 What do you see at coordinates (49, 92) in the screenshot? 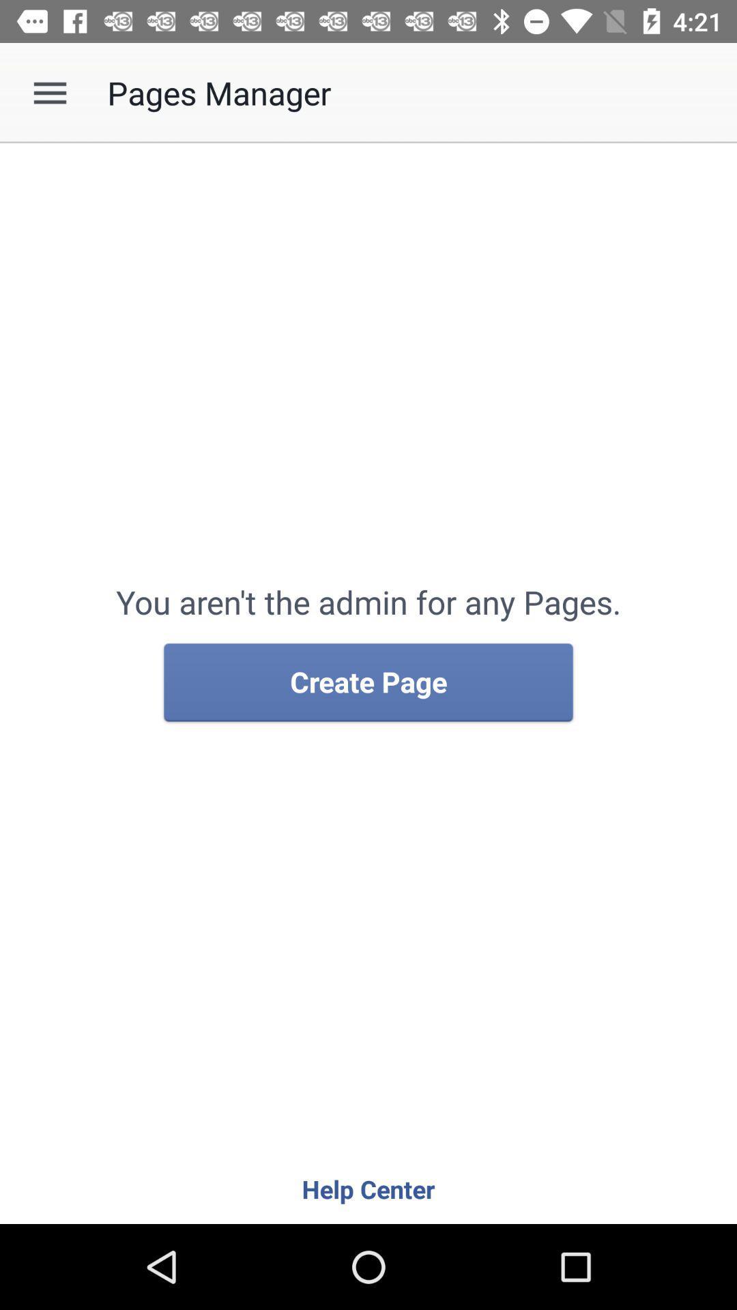
I see `icon to the left of the pages manager app` at bounding box center [49, 92].